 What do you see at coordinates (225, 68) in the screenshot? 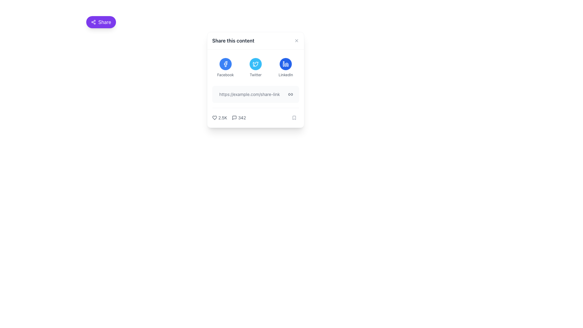
I see `the Facebook button with a white icon and gray label to navigate` at bounding box center [225, 68].